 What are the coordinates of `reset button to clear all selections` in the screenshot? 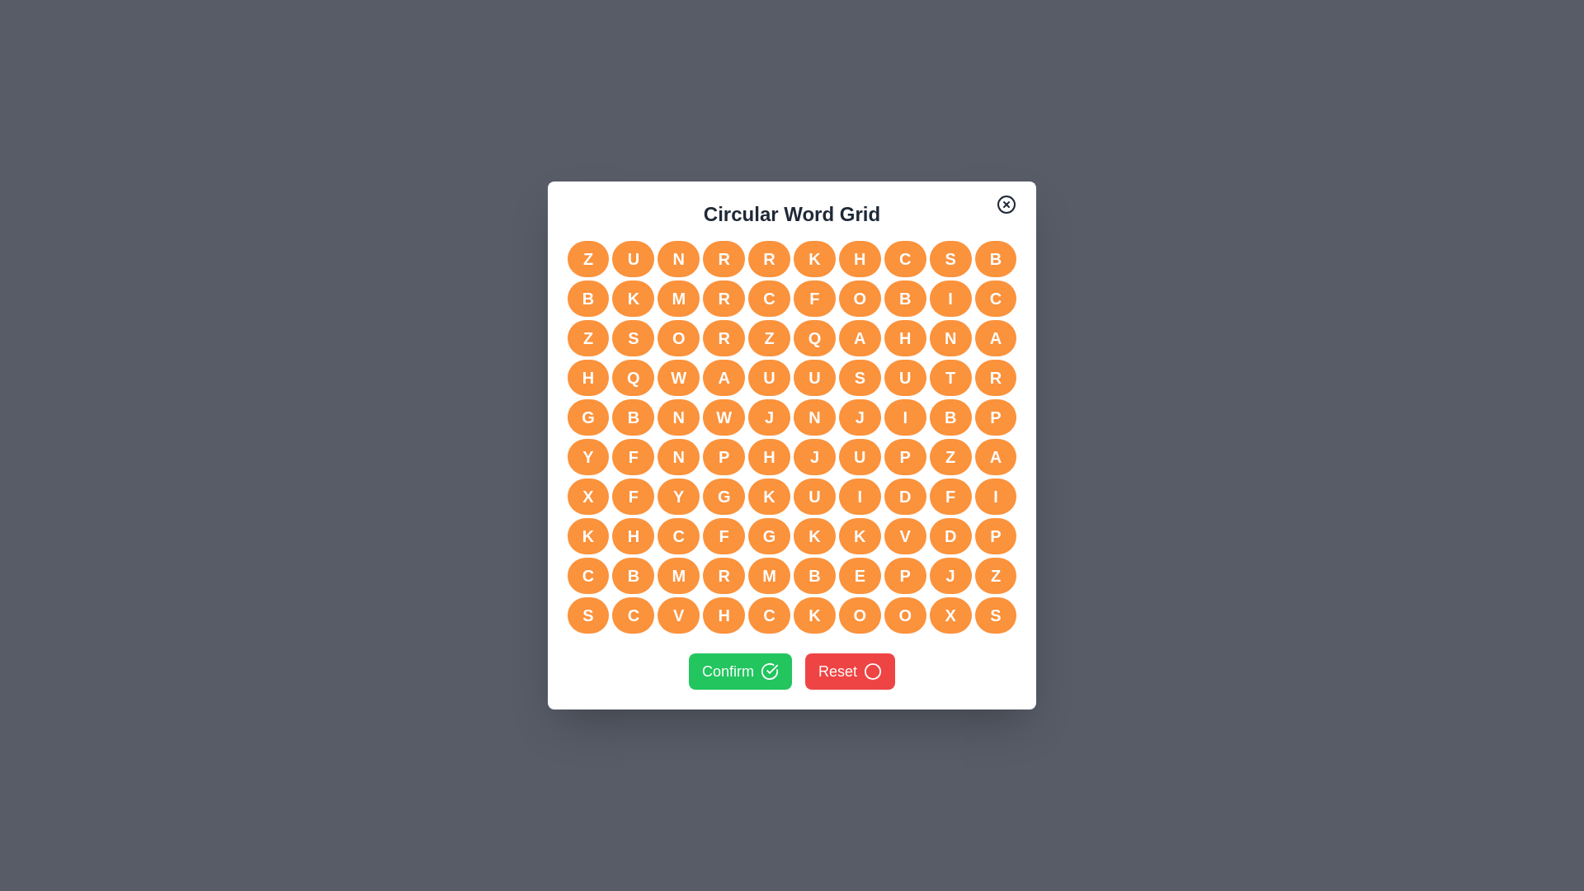 It's located at (850, 671).